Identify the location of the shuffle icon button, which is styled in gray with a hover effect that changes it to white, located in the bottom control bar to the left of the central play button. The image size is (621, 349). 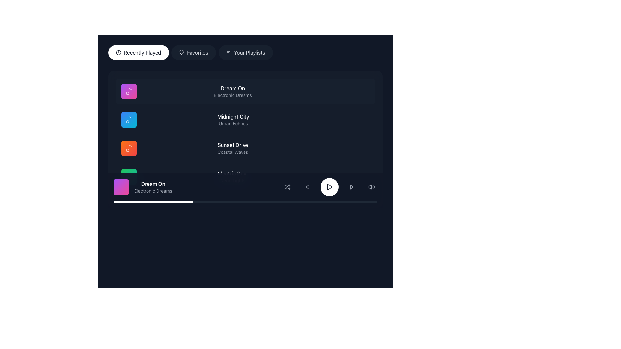
(287, 187).